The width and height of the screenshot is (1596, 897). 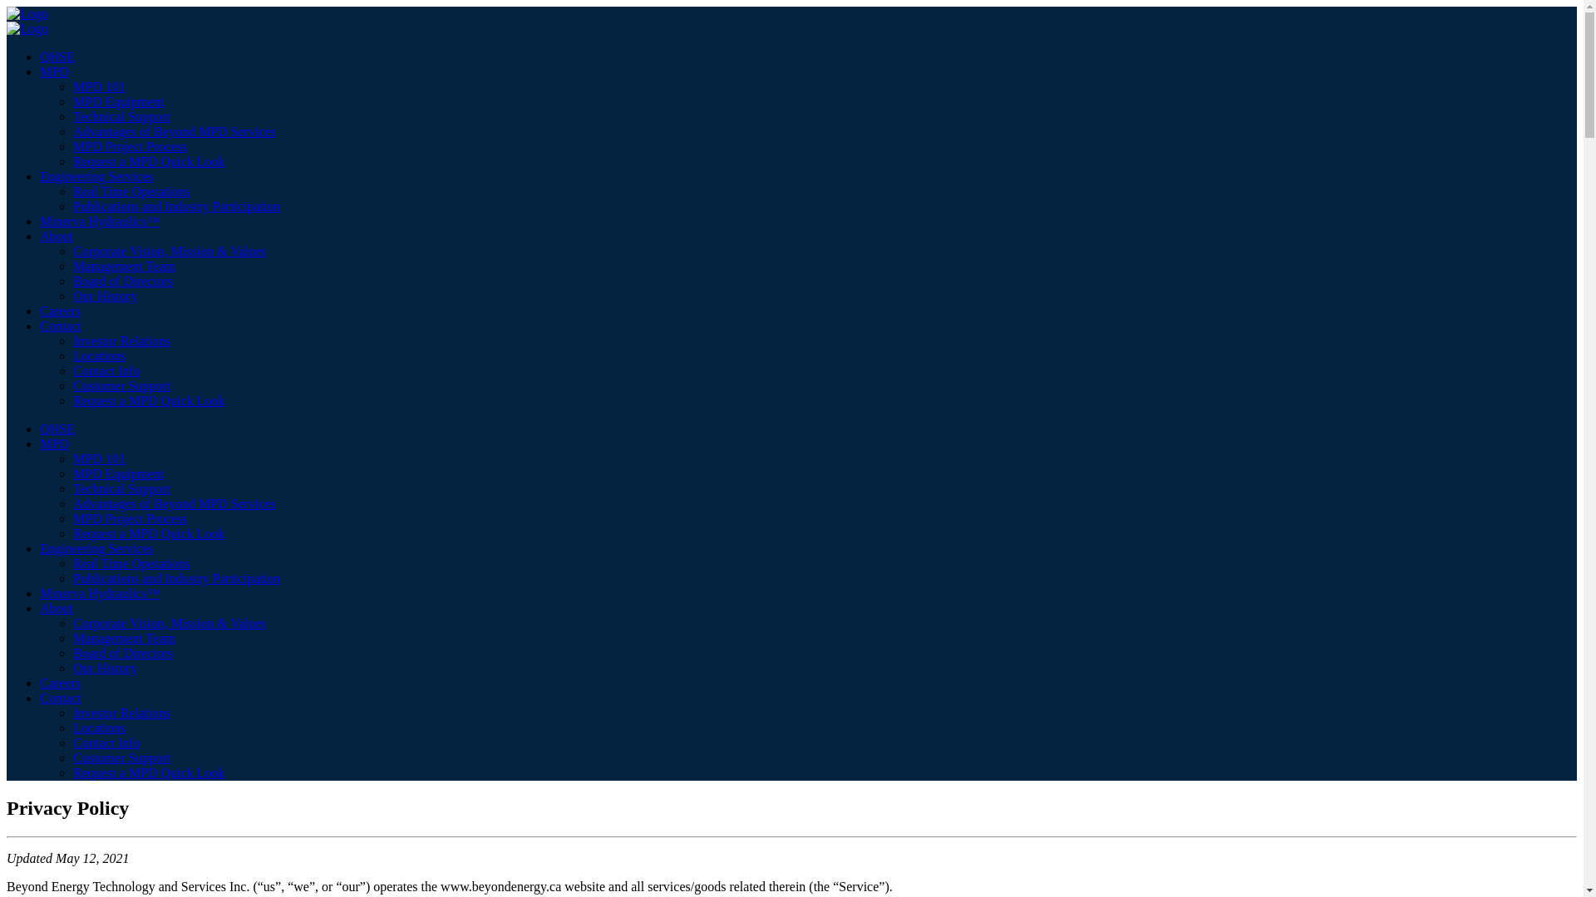 I want to click on 'Careers', so click(x=60, y=683).